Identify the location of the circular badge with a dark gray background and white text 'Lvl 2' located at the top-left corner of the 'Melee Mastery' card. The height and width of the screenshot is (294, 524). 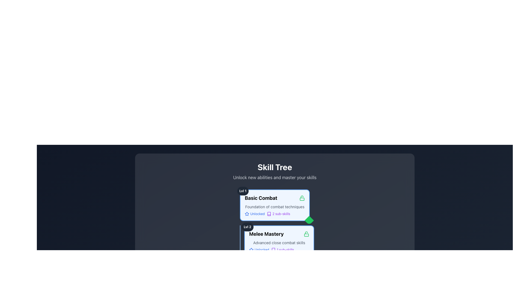
(247, 227).